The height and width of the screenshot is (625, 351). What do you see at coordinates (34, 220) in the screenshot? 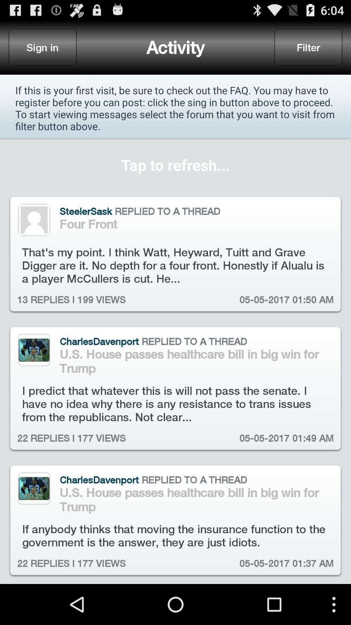
I see `contact` at bounding box center [34, 220].